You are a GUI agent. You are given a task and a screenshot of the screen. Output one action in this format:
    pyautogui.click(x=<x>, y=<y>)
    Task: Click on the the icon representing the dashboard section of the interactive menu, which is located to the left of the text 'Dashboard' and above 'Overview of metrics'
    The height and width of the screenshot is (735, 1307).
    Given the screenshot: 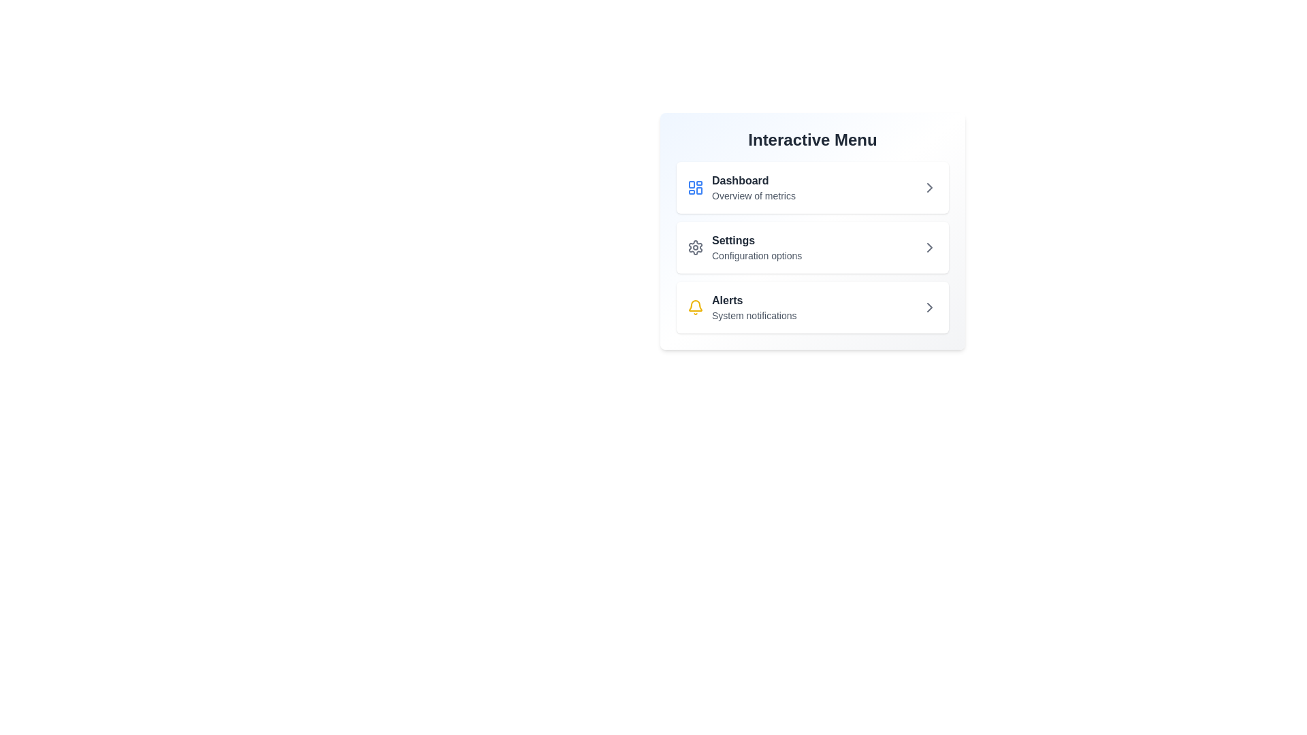 What is the action you would take?
    pyautogui.click(x=696, y=188)
    